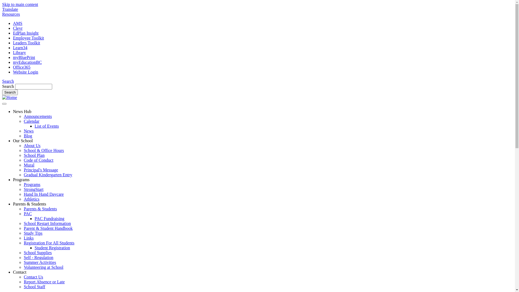 The height and width of the screenshot is (292, 519). What do you see at coordinates (33, 277) in the screenshot?
I see `'Contact Us'` at bounding box center [33, 277].